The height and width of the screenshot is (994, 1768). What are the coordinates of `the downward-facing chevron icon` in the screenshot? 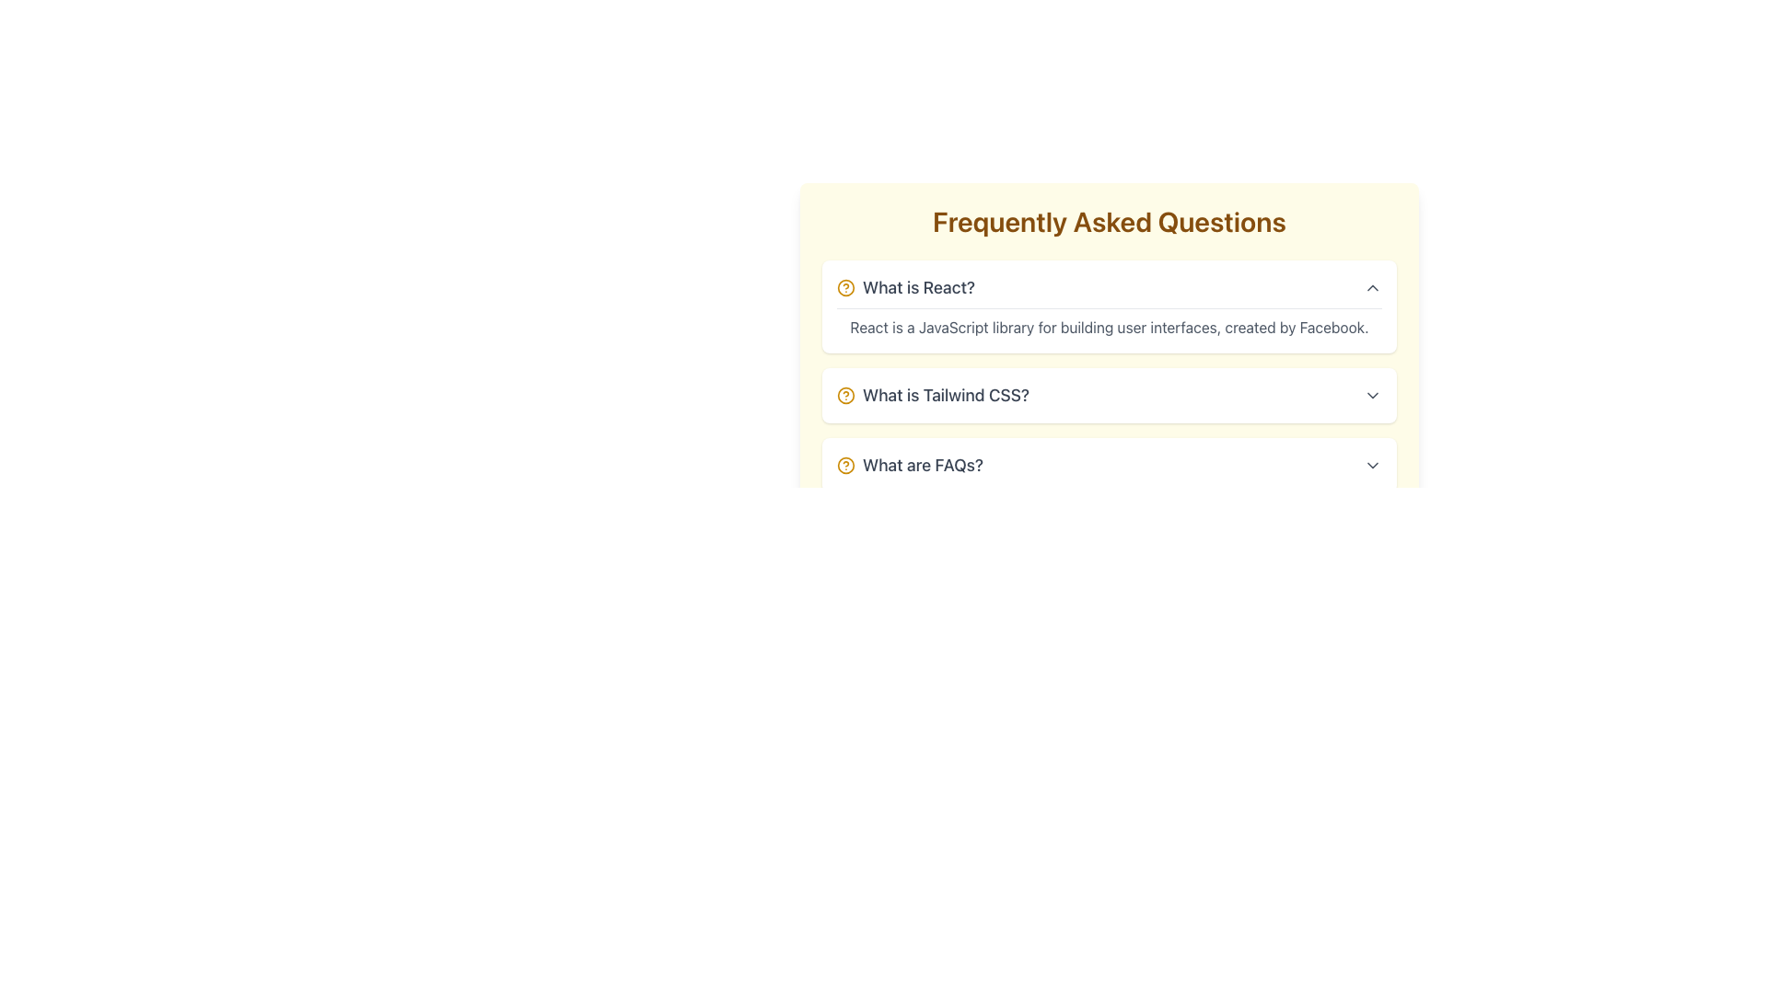 It's located at (1373, 394).